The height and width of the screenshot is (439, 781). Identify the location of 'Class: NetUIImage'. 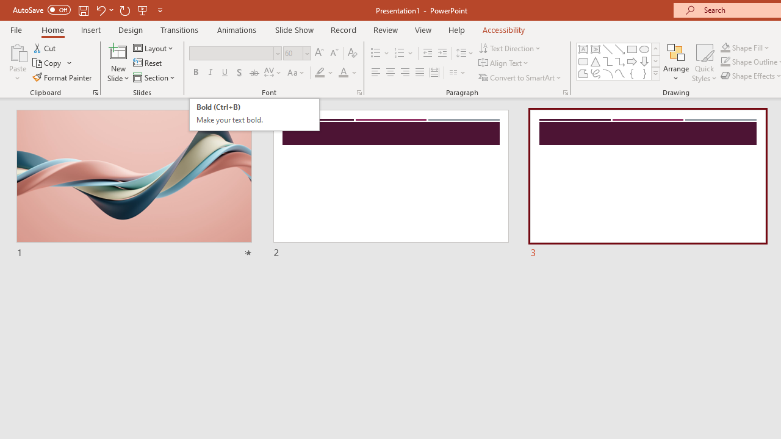
(655, 73).